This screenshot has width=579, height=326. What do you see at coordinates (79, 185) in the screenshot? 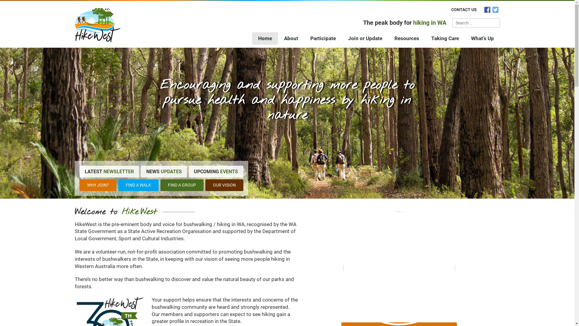
I see `'WHY JOIN?'` at bounding box center [79, 185].